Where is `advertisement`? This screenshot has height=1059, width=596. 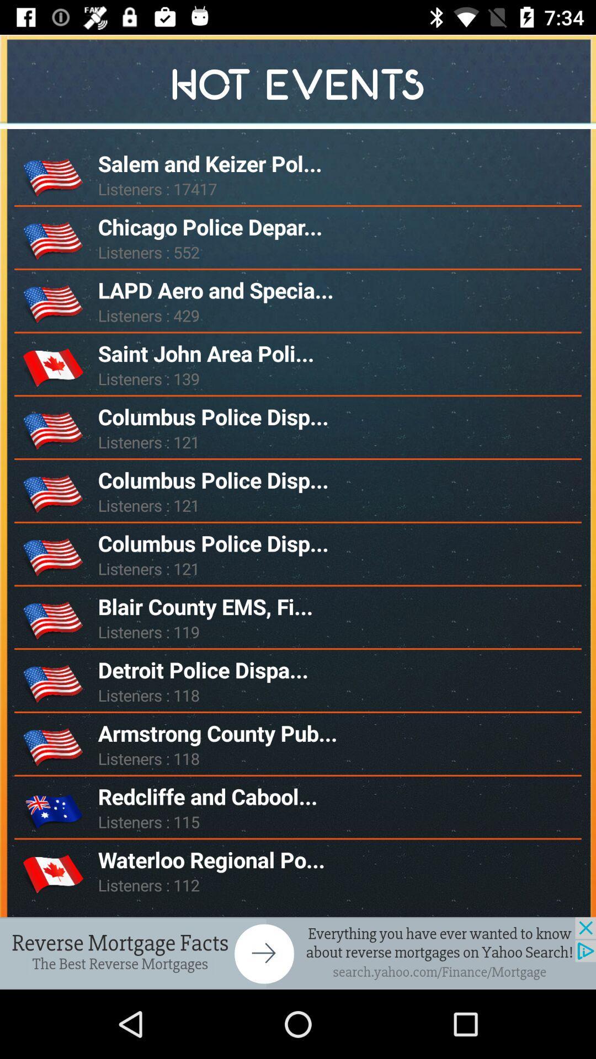 advertisement is located at coordinates (298, 953).